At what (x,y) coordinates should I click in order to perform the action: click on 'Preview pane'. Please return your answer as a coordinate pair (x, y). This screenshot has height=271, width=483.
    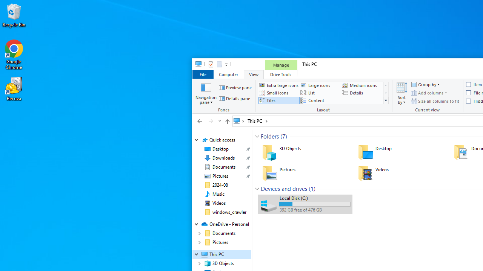
    Looking at the image, I should click on (235, 87).